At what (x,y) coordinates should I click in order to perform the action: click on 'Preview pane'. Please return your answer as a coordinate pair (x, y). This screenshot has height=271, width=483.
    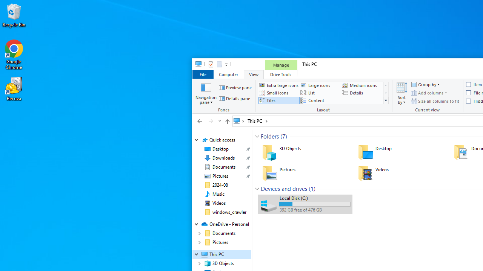
    Looking at the image, I should click on (235, 87).